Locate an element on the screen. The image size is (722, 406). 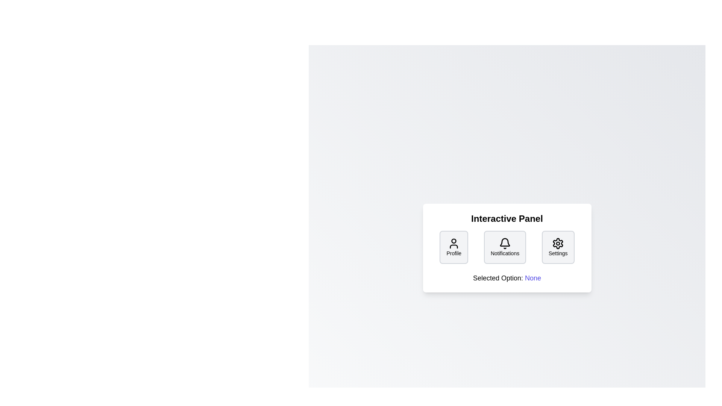
the 'Settings' button to select it is located at coordinates (558, 247).